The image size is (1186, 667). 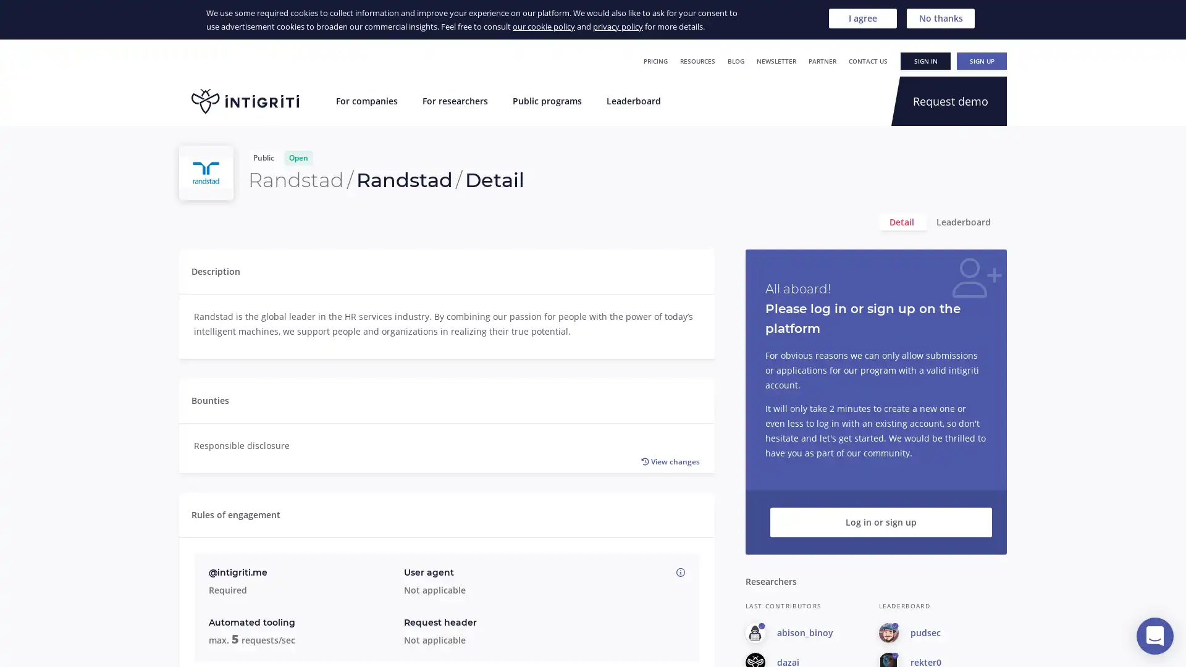 I want to click on Open Intercom Messenger, so click(x=1154, y=636).